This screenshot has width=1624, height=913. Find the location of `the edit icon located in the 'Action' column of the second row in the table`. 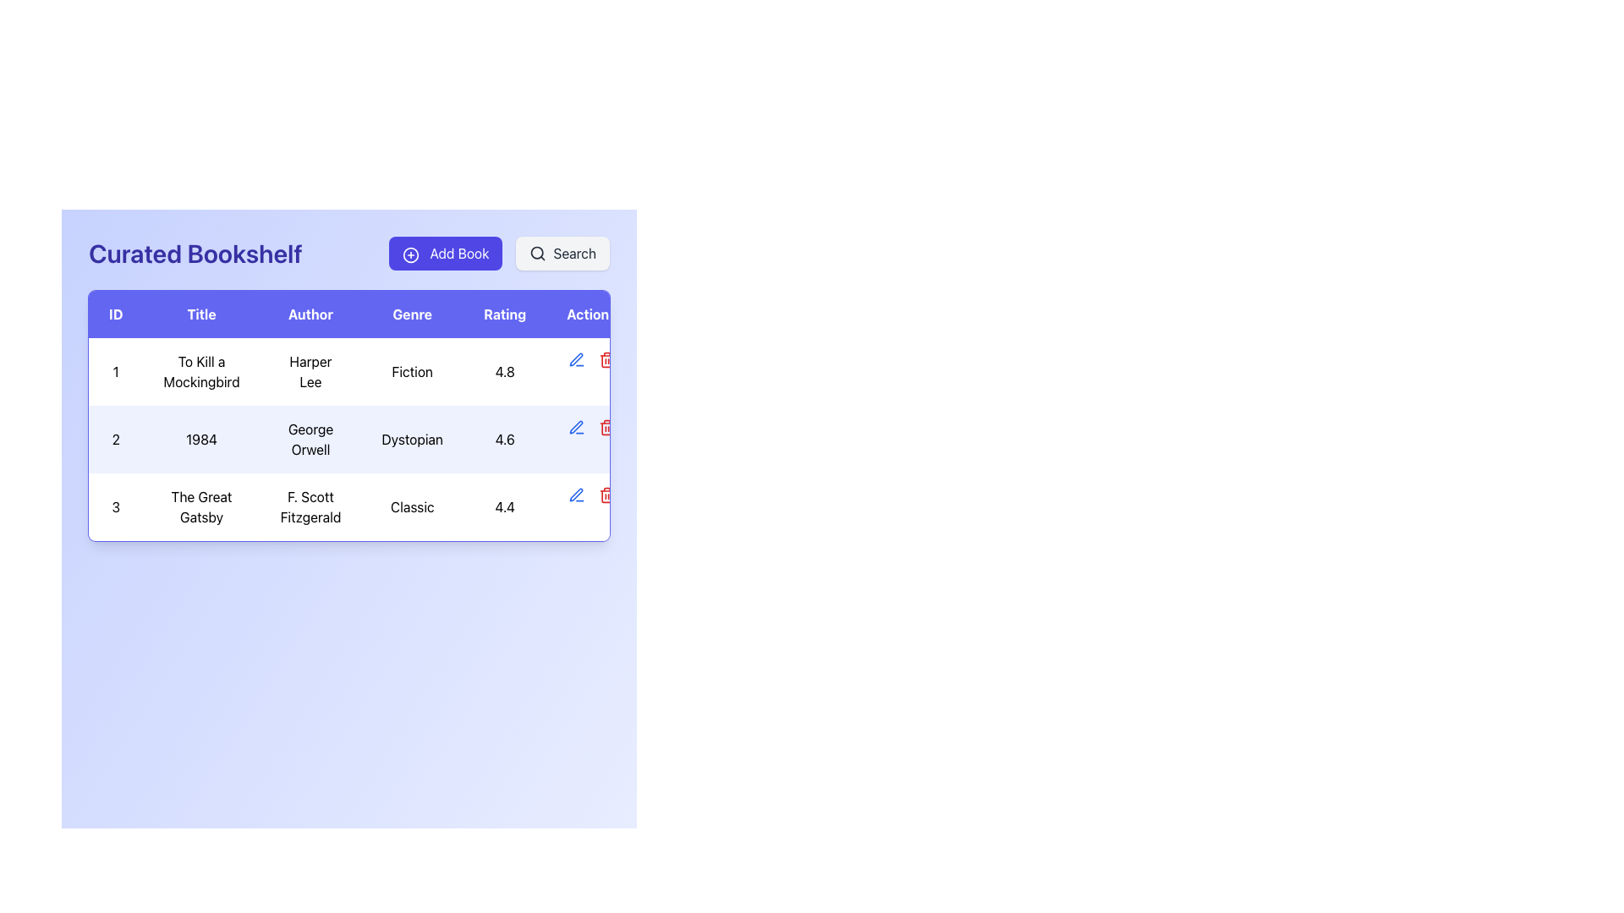

the edit icon located in the 'Action' column of the second row in the table is located at coordinates (576, 495).